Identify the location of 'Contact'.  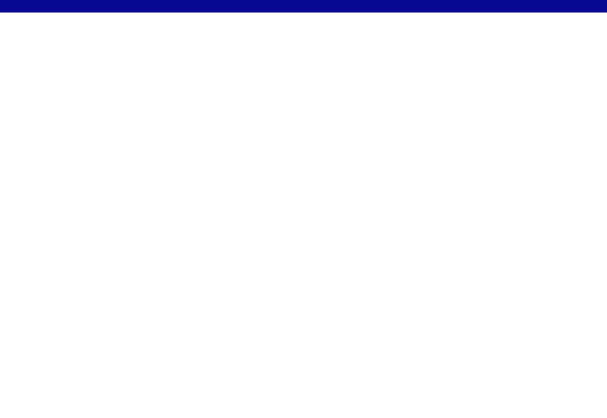
(219, 10).